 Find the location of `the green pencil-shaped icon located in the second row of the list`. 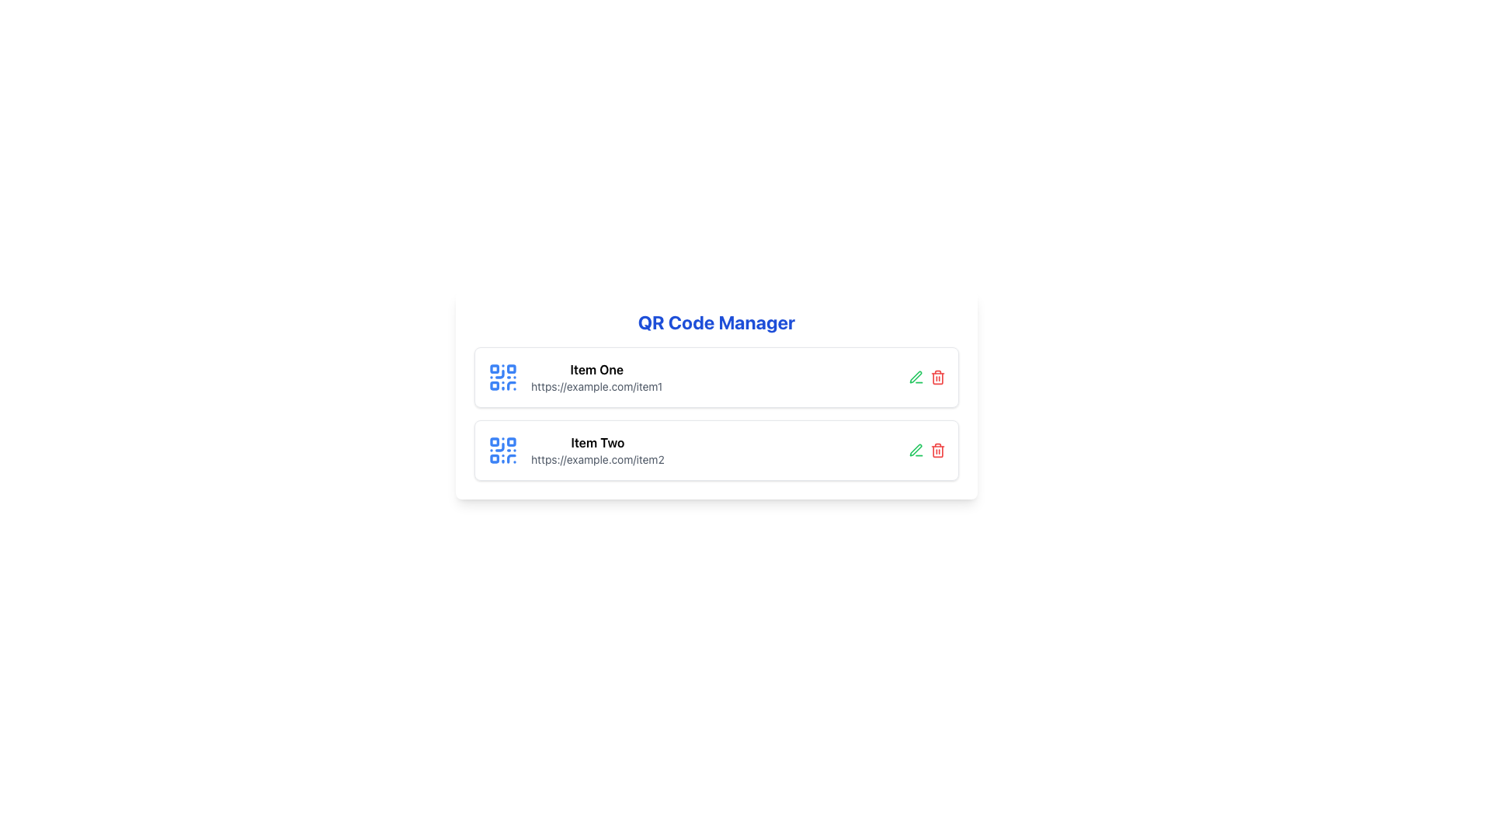

the green pencil-shaped icon located in the second row of the list is located at coordinates (916, 378).